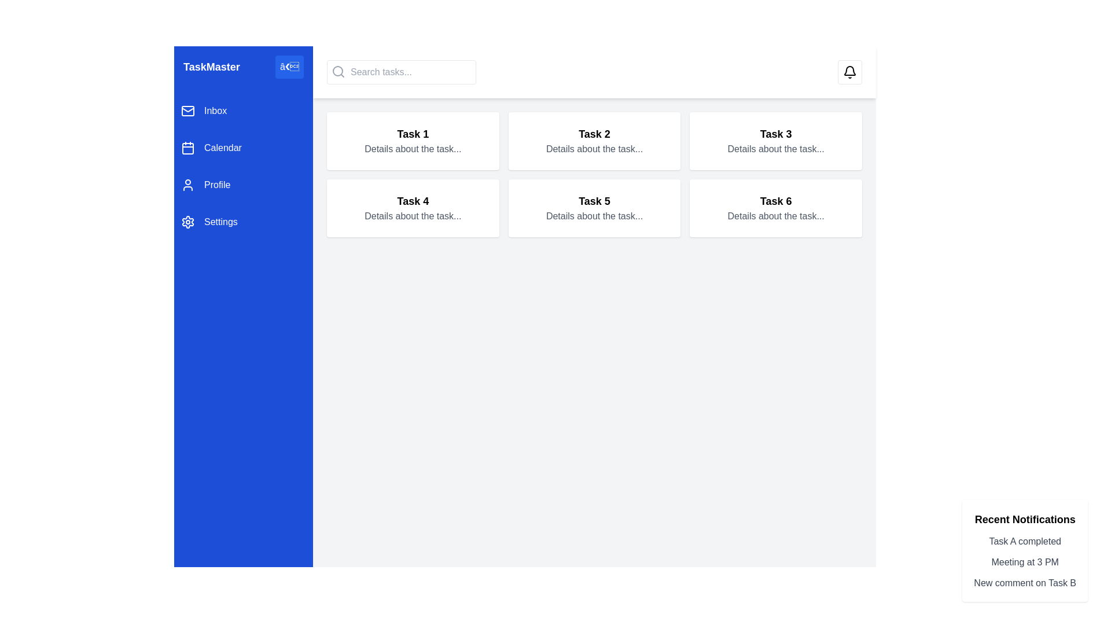  I want to click on the calendar icon located in the sidebar menu next to the 'Calendar' text, so click(188, 147).